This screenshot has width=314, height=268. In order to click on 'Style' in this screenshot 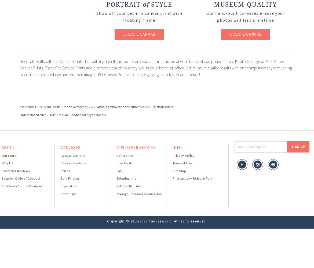, I will do `click(160, 5)`.